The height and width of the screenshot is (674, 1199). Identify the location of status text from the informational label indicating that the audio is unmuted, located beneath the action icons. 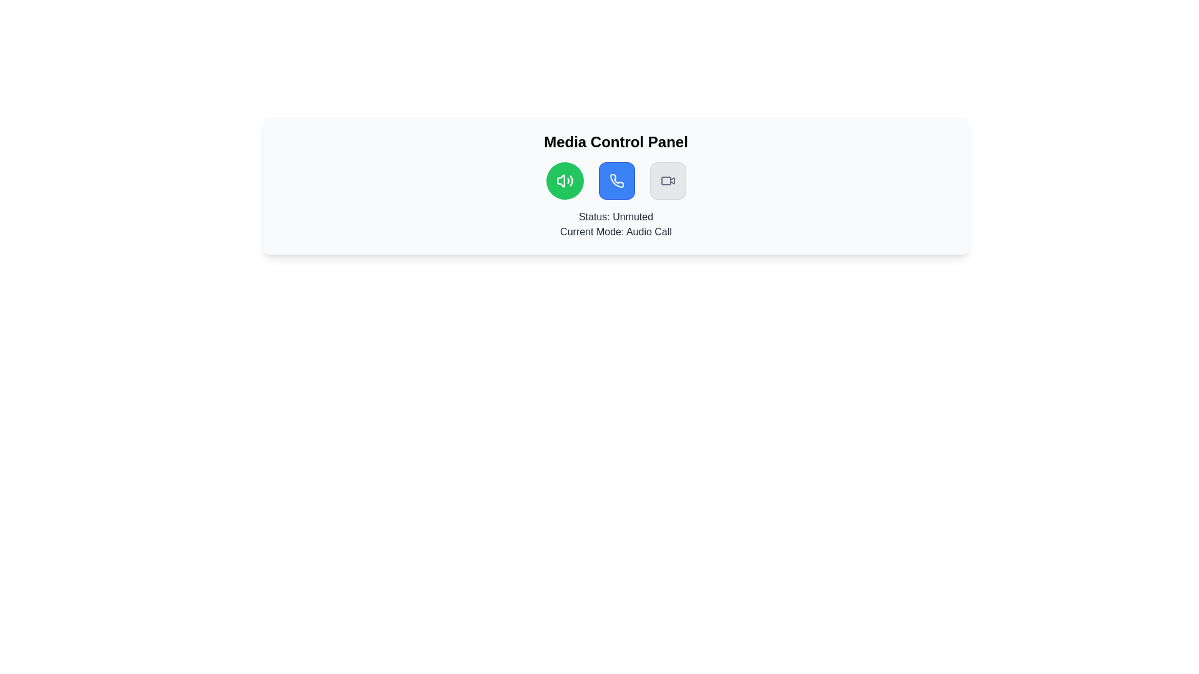
(616, 216).